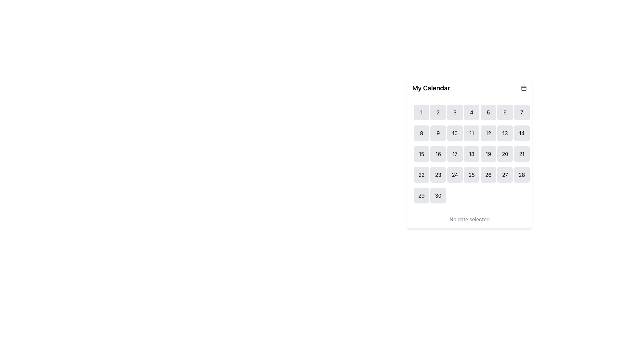  I want to click on the button representing the 12th day of the calendar displayed in the second row and fifth column, so click(488, 133).